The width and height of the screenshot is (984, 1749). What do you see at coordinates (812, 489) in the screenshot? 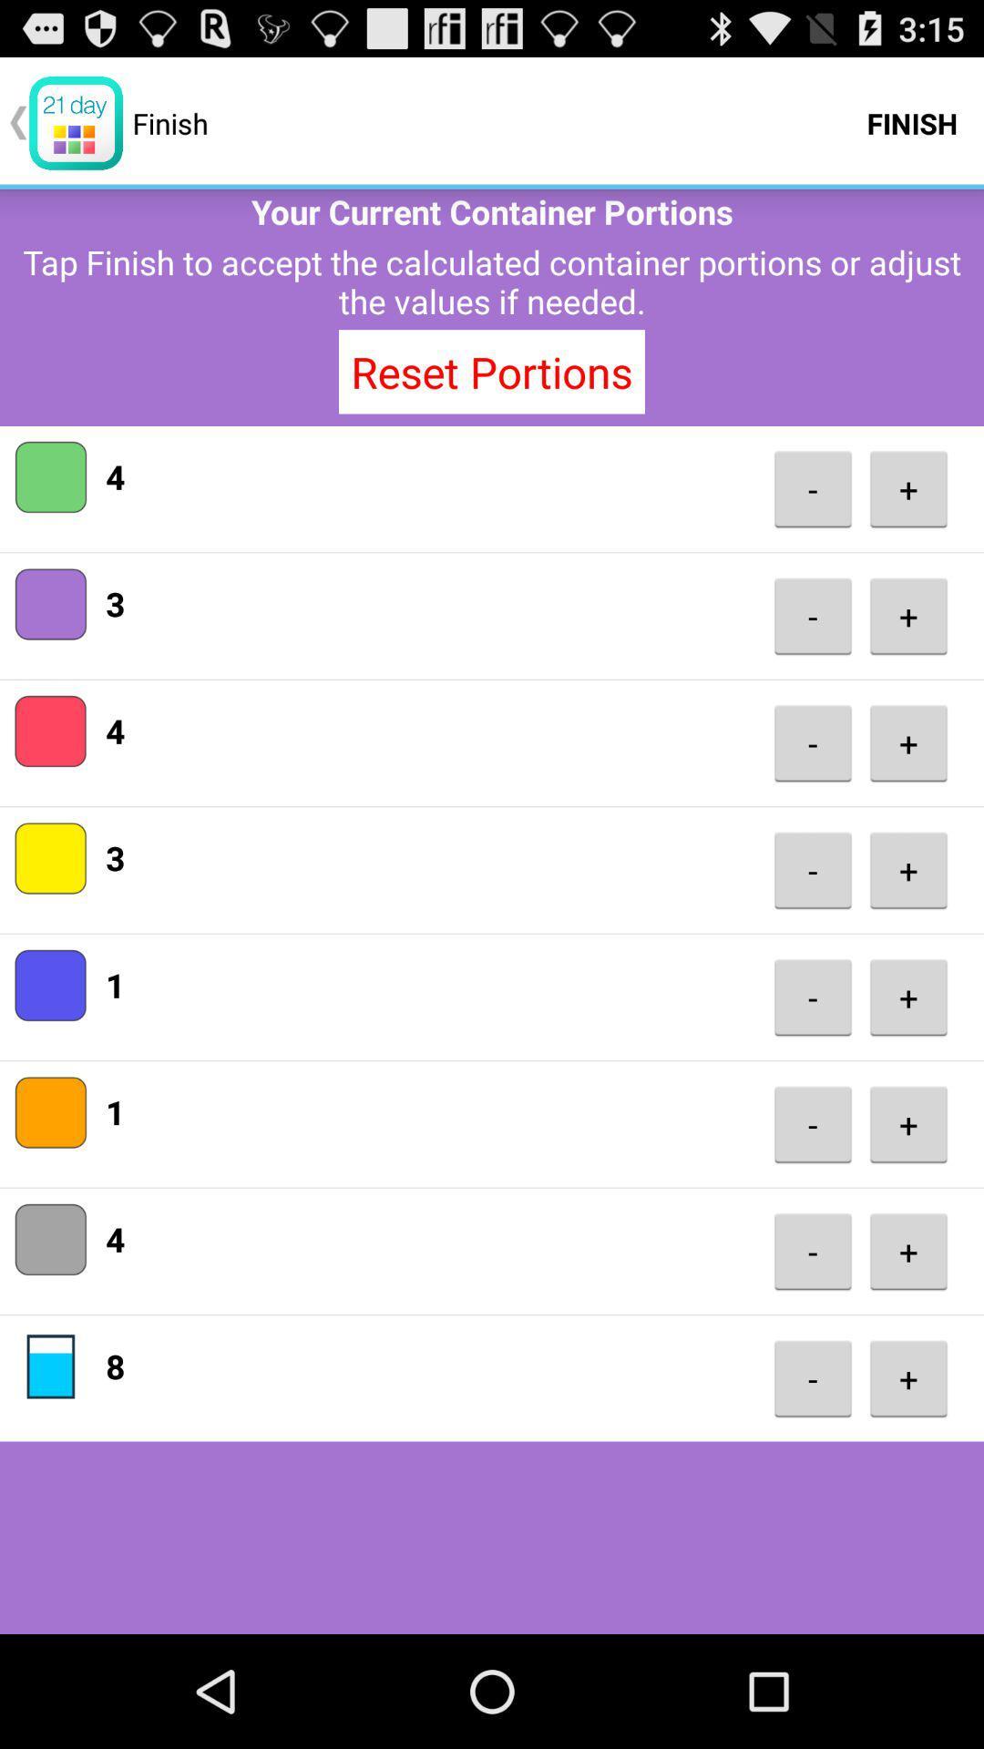
I see `icon next to the 4 icon` at bounding box center [812, 489].